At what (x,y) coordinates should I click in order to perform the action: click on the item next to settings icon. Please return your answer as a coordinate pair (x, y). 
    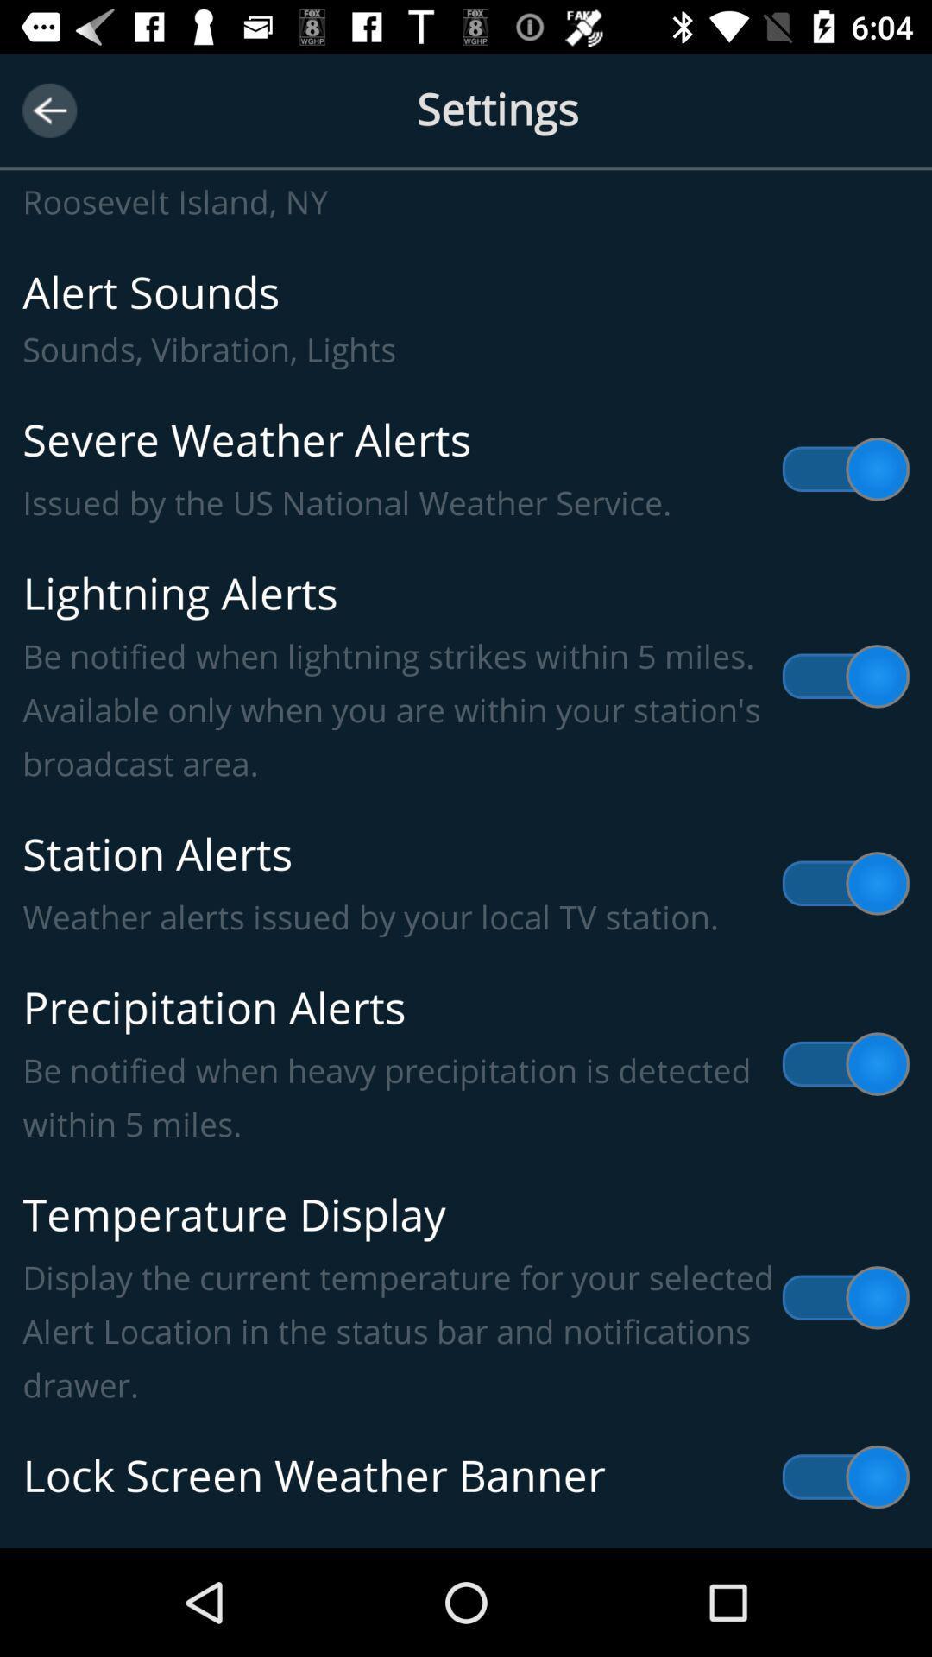
    Looking at the image, I should click on (48, 110).